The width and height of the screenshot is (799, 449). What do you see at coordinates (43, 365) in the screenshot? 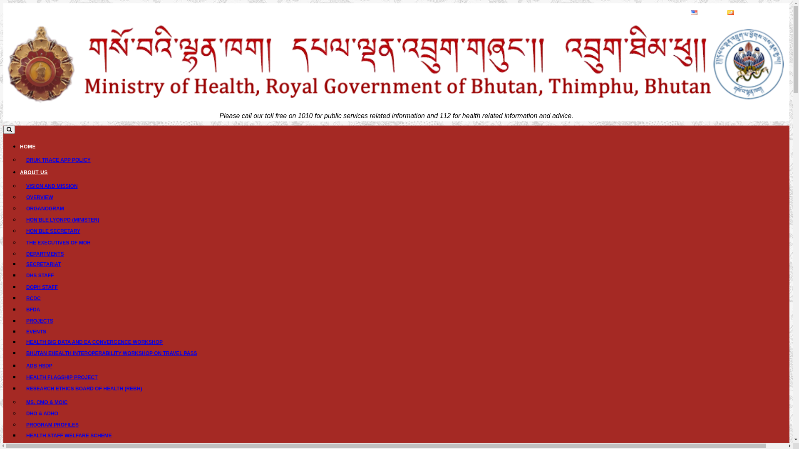
I see `'ADB HSDP'` at bounding box center [43, 365].